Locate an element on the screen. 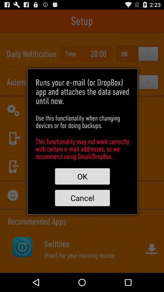 The image size is (164, 292). ok icon is located at coordinates (82, 176).